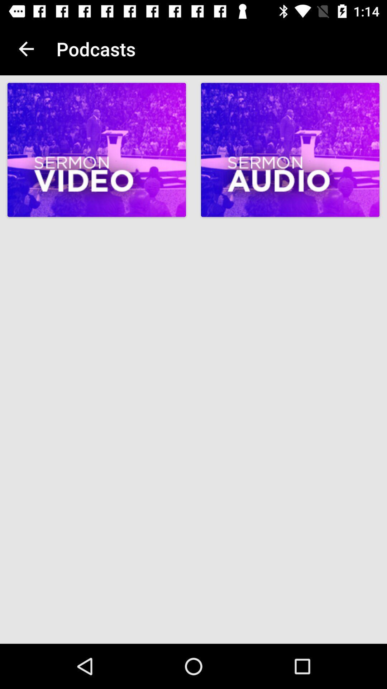 The height and width of the screenshot is (689, 387). What do you see at coordinates (26, 48) in the screenshot?
I see `icon to the left of podcasts item` at bounding box center [26, 48].